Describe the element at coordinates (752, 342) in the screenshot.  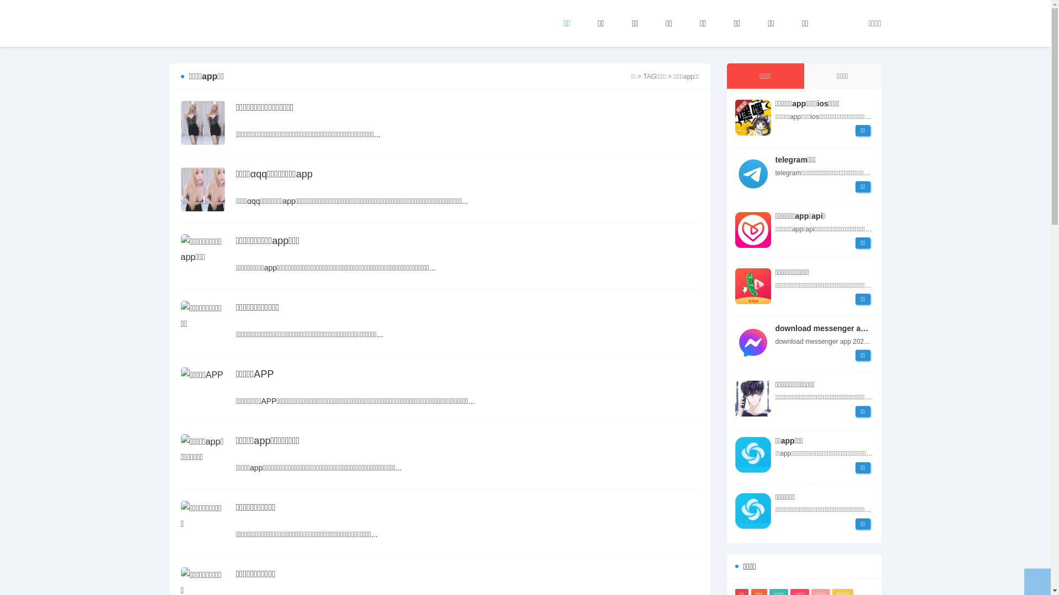
I see `'download messenger app 2020'` at that location.